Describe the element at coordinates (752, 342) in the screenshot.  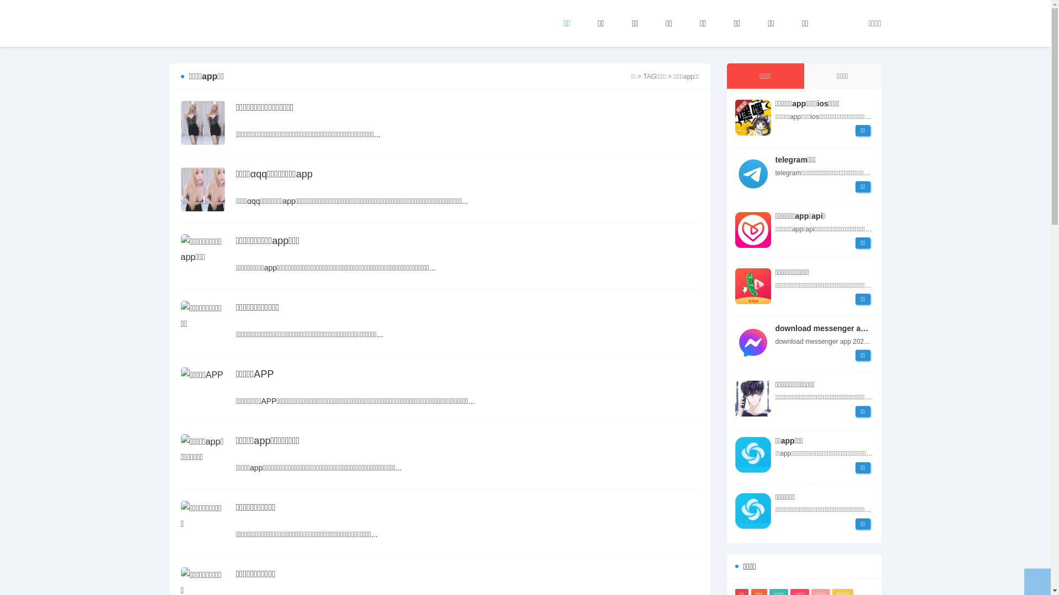
I see `'download messenger app 2020'` at that location.